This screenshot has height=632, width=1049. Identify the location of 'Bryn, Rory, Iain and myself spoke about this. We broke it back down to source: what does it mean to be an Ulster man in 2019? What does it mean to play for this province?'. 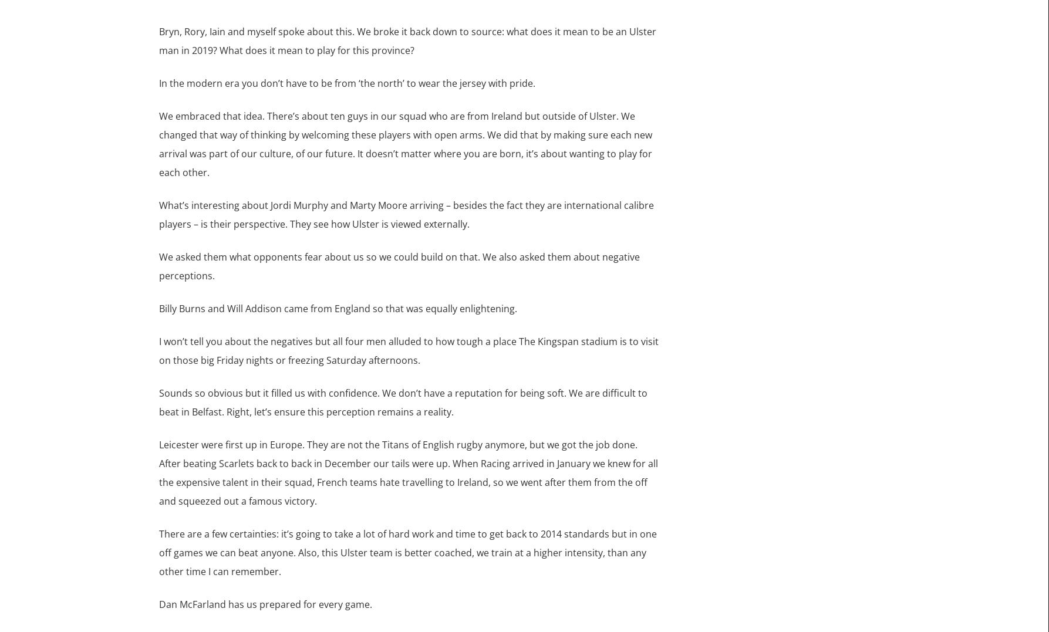
(406, 40).